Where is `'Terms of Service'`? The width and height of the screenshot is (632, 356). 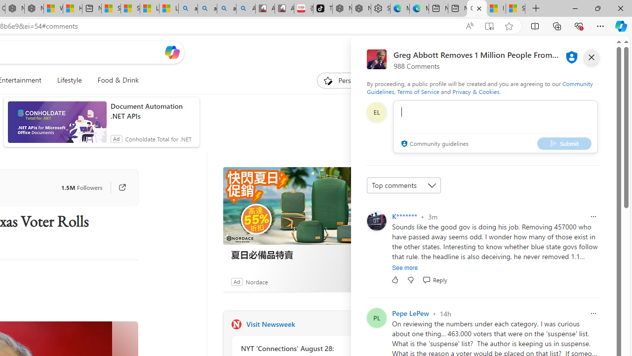
'Terms of Service' is located at coordinates (418, 91).